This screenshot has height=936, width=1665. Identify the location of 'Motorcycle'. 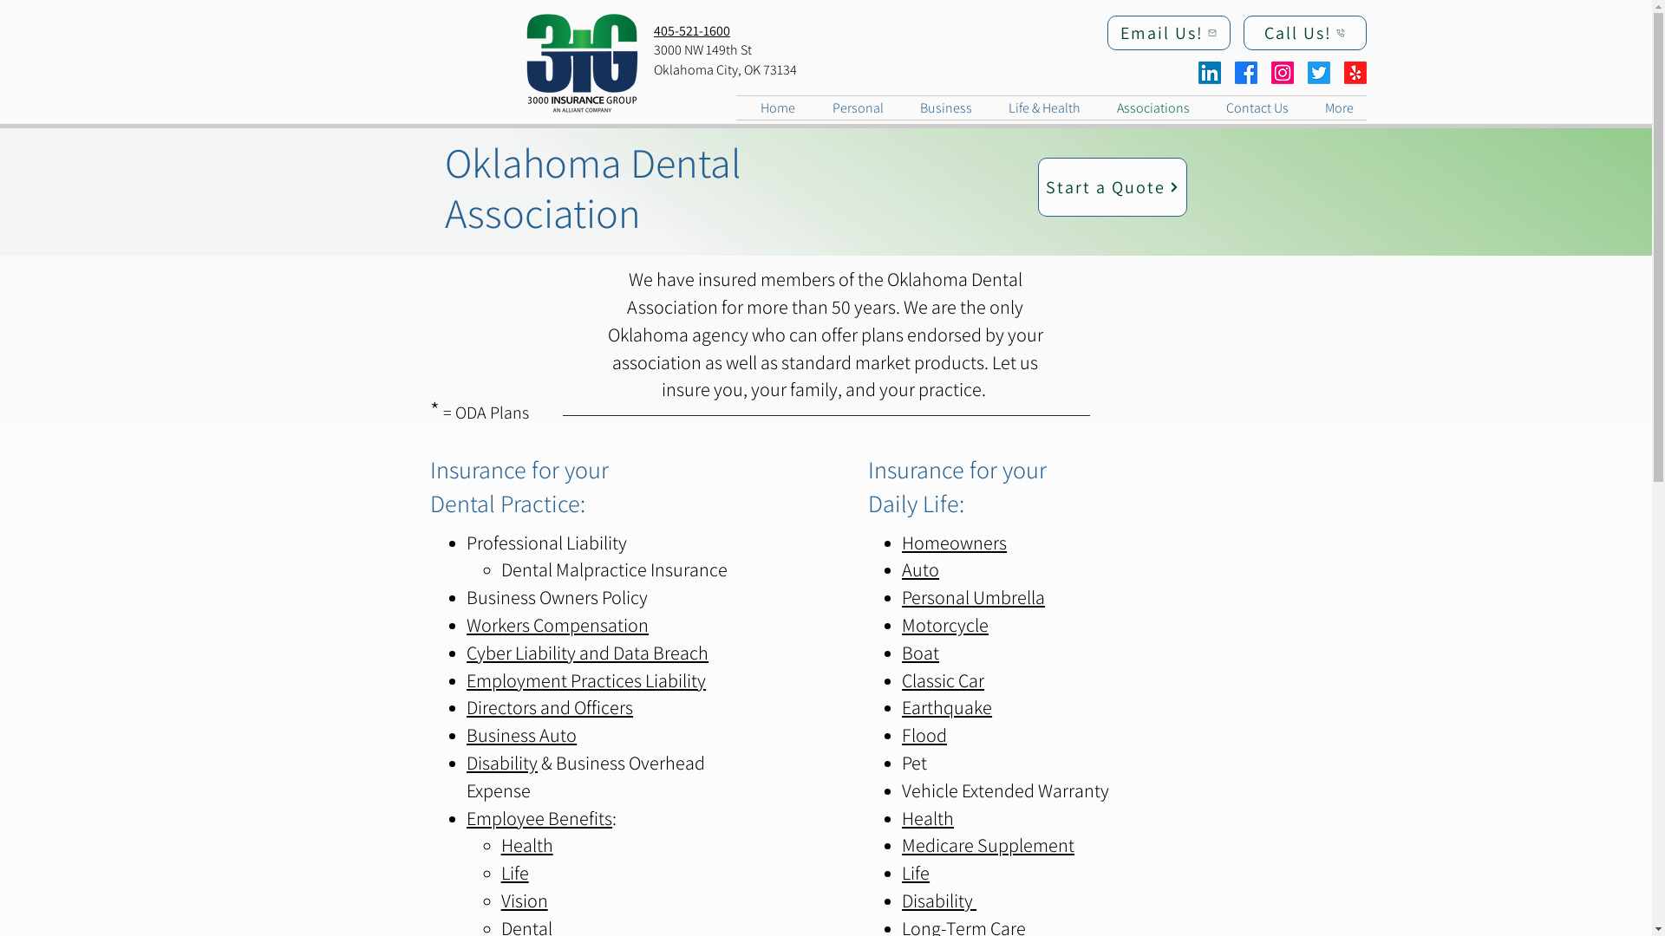
(943, 625).